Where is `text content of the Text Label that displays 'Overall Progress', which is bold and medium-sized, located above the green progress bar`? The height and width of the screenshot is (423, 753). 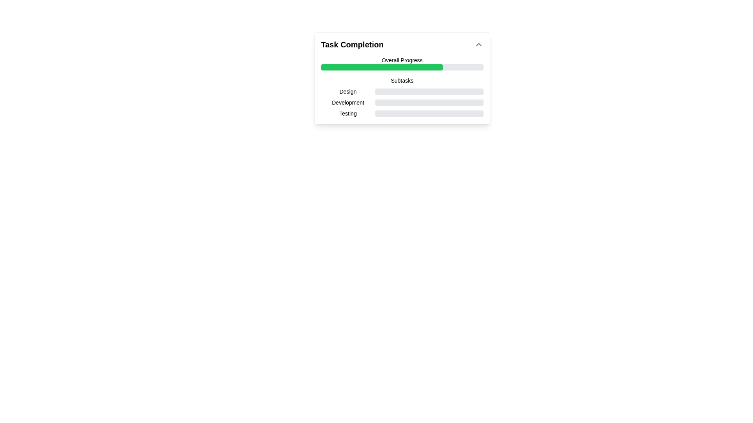 text content of the Text Label that displays 'Overall Progress', which is bold and medium-sized, located above the green progress bar is located at coordinates (402, 60).